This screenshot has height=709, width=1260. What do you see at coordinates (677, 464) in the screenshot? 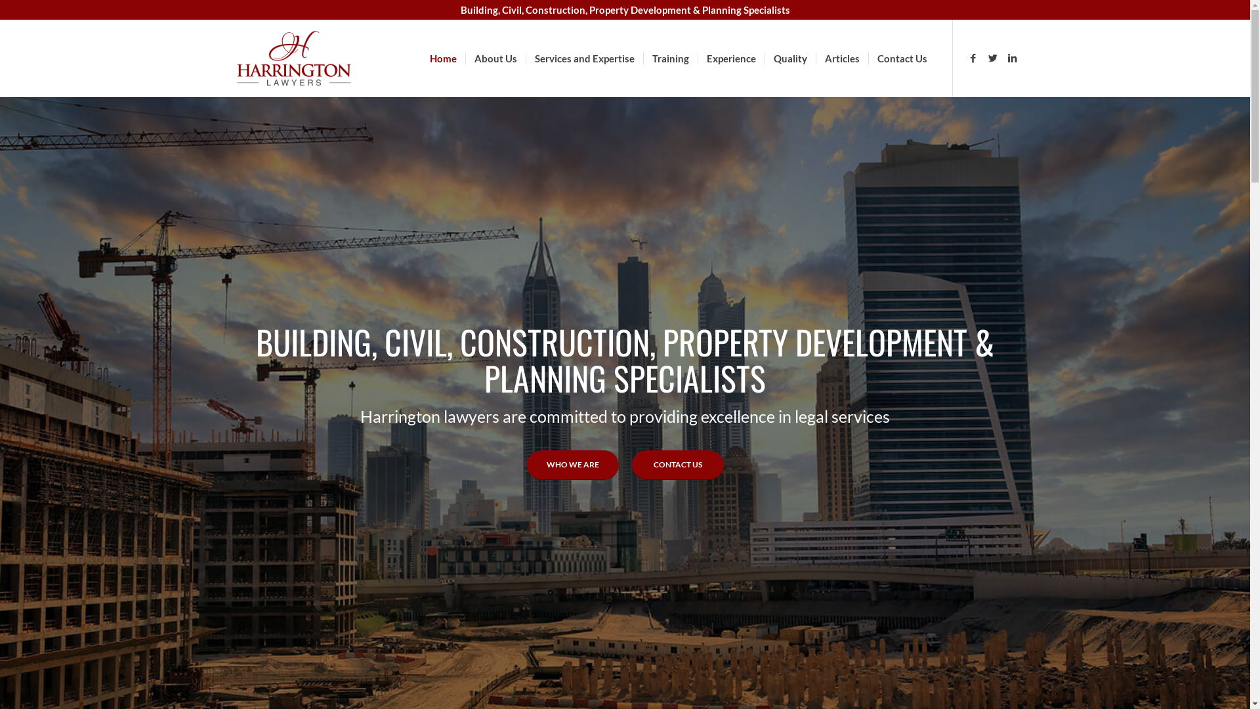
I see `'CONTACT US'` at bounding box center [677, 464].